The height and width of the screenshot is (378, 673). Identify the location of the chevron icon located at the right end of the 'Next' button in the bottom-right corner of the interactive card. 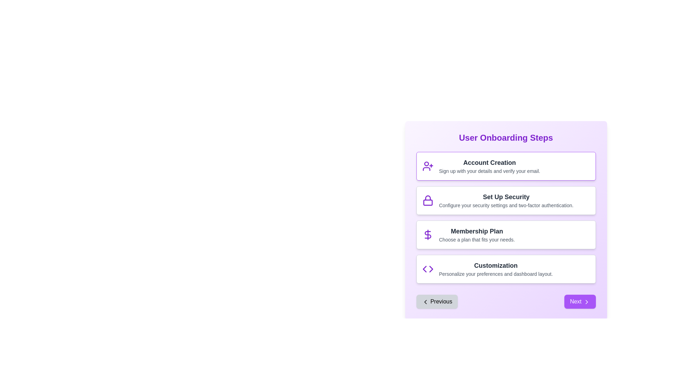
(586, 301).